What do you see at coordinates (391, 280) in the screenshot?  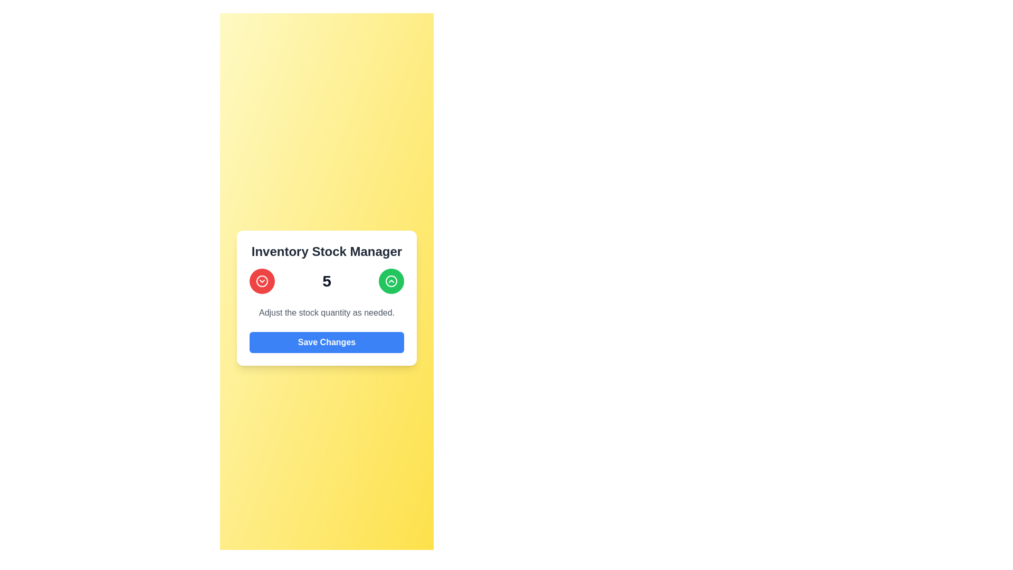 I see `the upward chevron button with a circular green border located at the top-right of the 'Inventory Stock Manager' card, next to the numeric value '5' for additional information` at bounding box center [391, 280].